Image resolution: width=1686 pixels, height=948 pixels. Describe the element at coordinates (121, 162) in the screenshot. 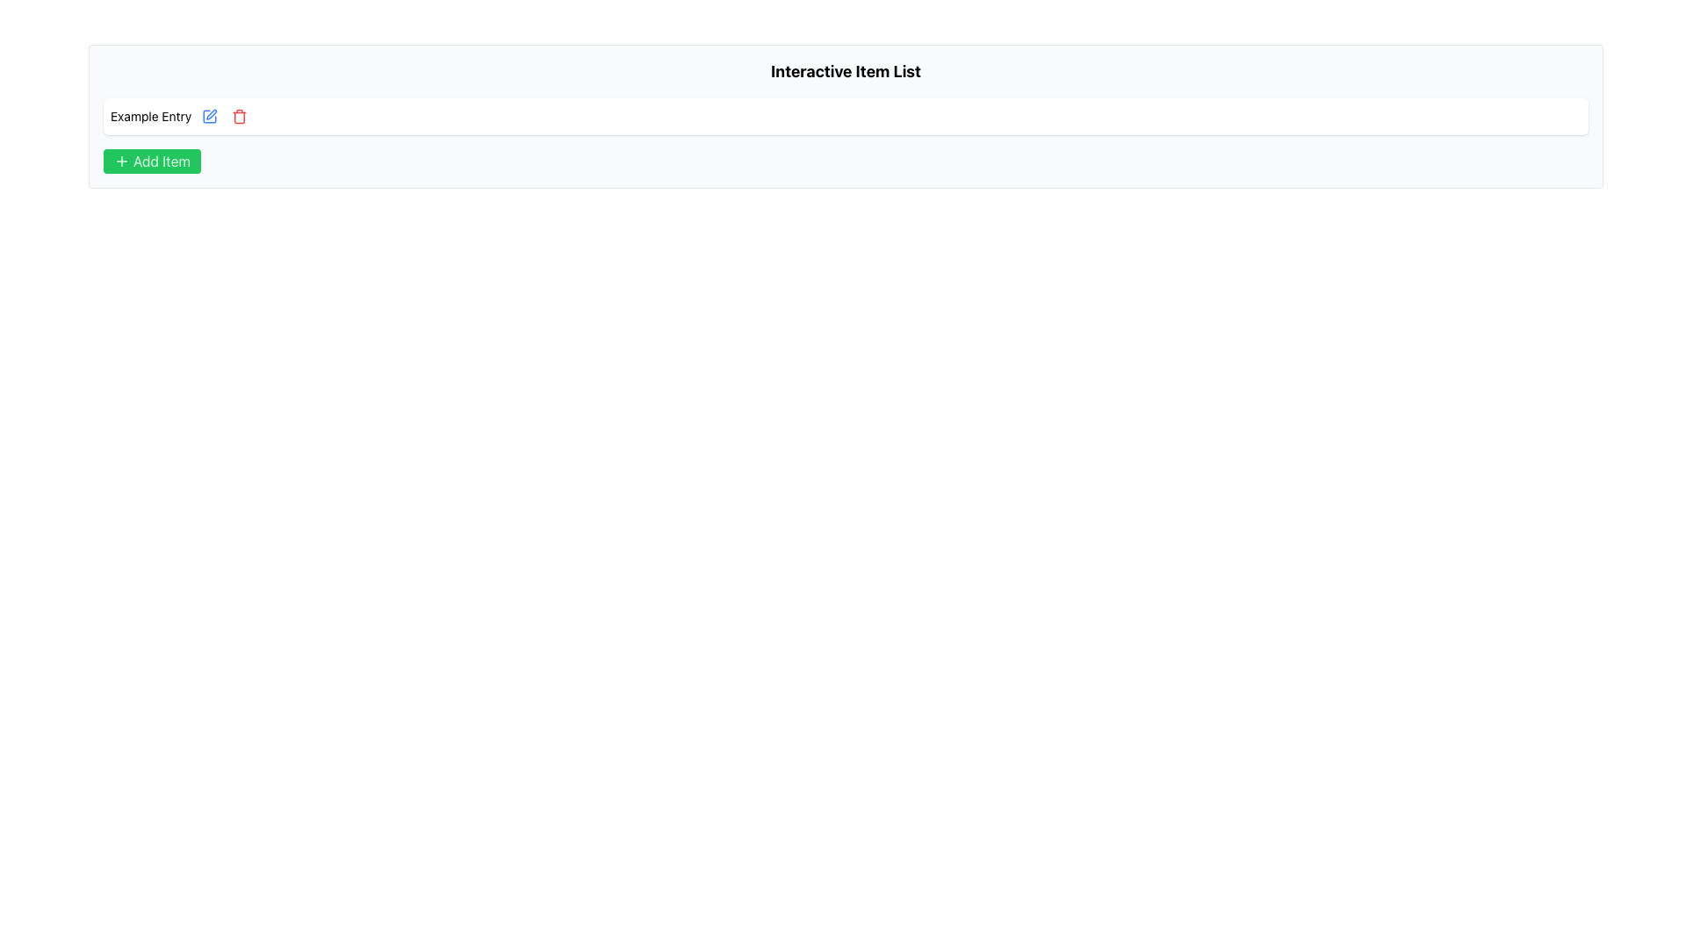

I see `the SVG Icon depicting a plus symbol (+) with a green background, located within the 'Add Item' button in the bottom-left section of the list area` at that location.